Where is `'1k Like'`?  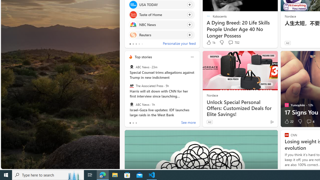 '1k Like' is located at coordinates (210, 42).